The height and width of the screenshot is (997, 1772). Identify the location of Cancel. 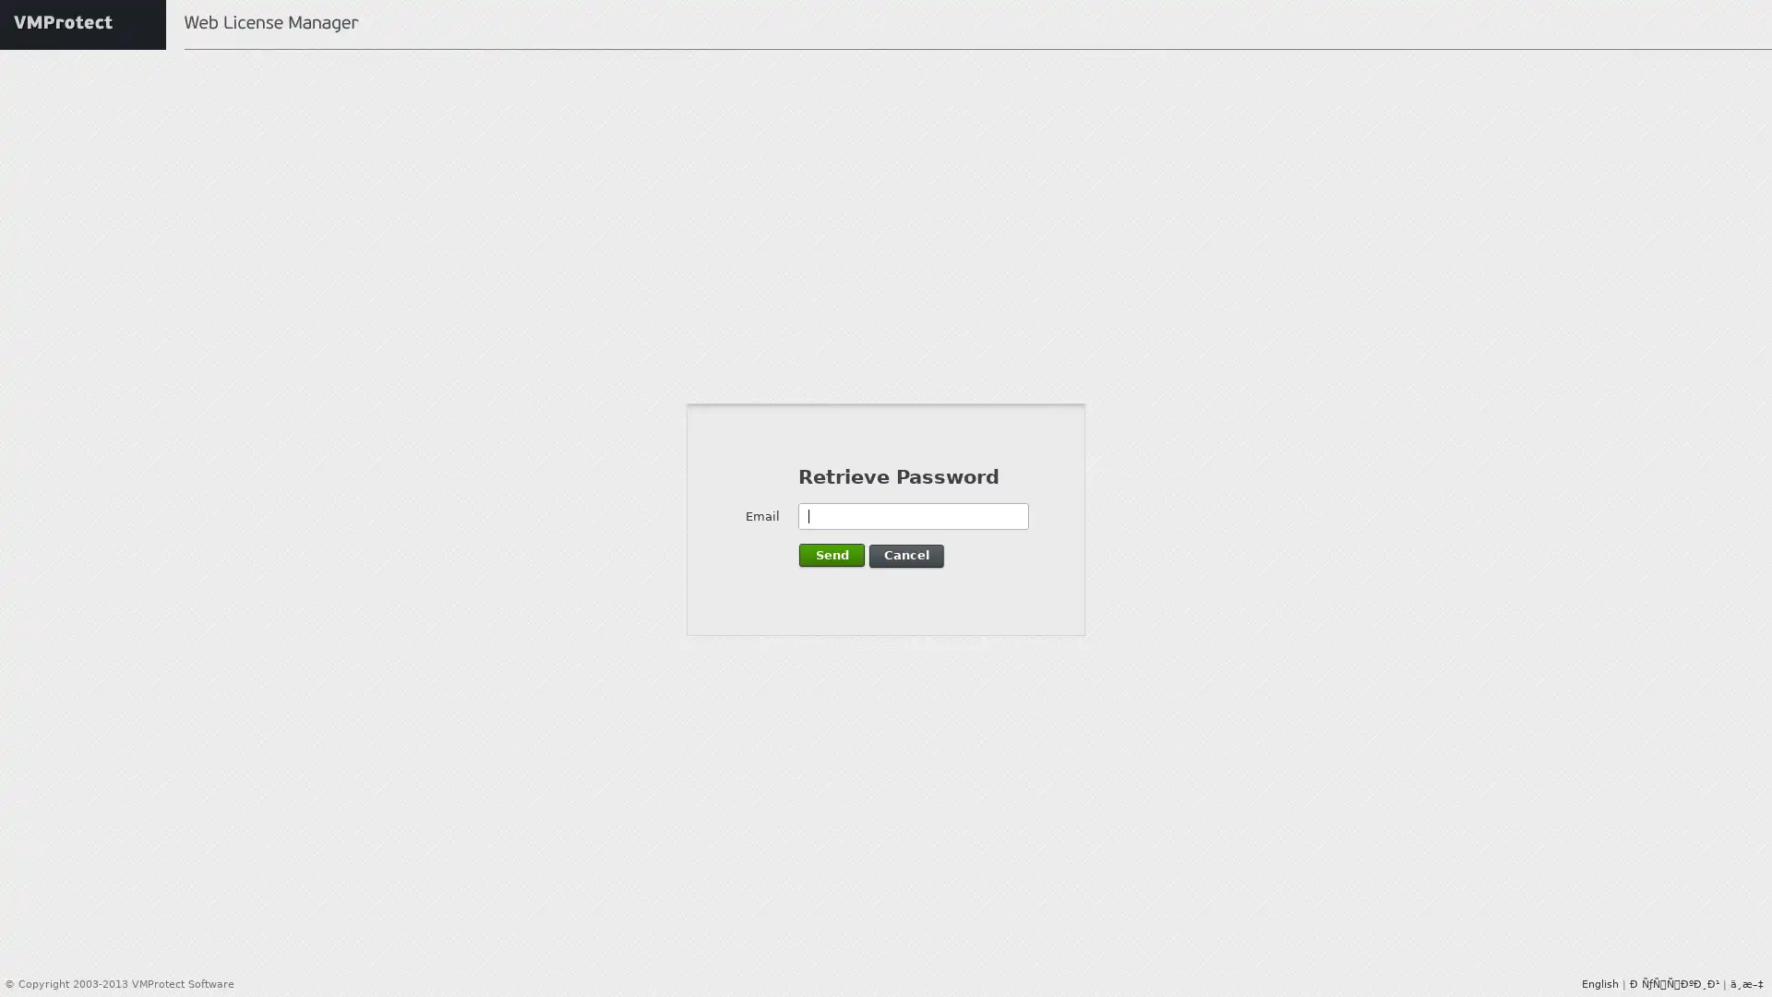
(906, 555).